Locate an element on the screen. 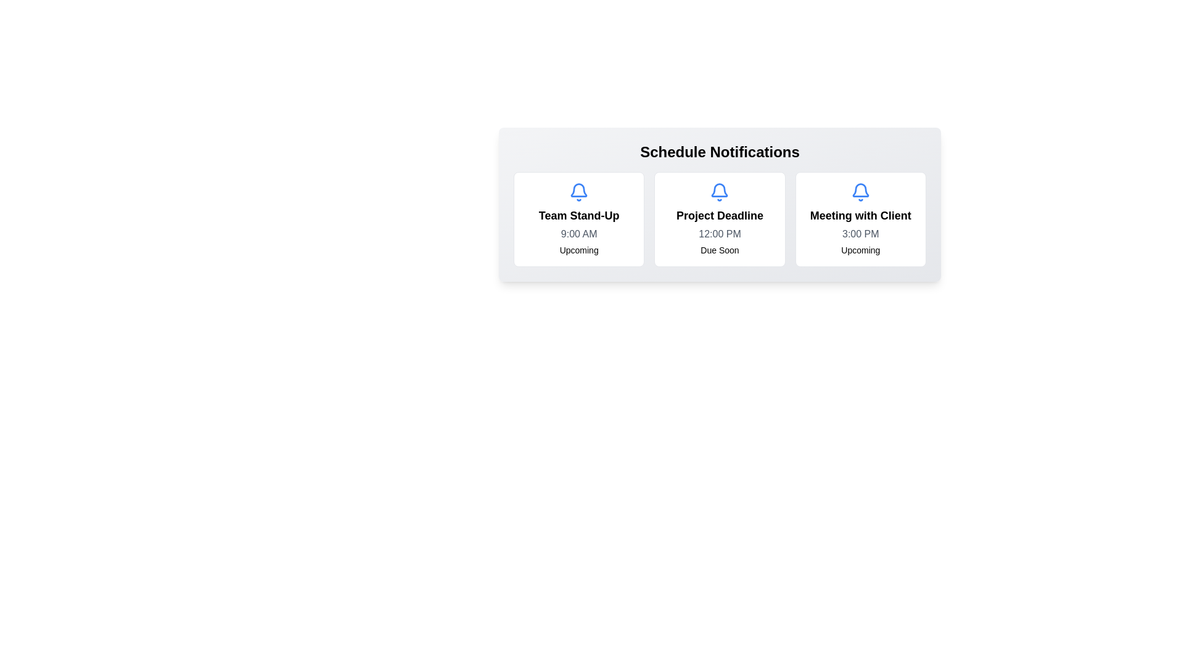 The width and height of the screenshot is (1184, 666). text displayed in the static label indicating the scheduled time of the 'Team Stand-Up' event, which is located centrally within the notification card below the title 'Team Stand-Up' is located at coordinates (578, 234).